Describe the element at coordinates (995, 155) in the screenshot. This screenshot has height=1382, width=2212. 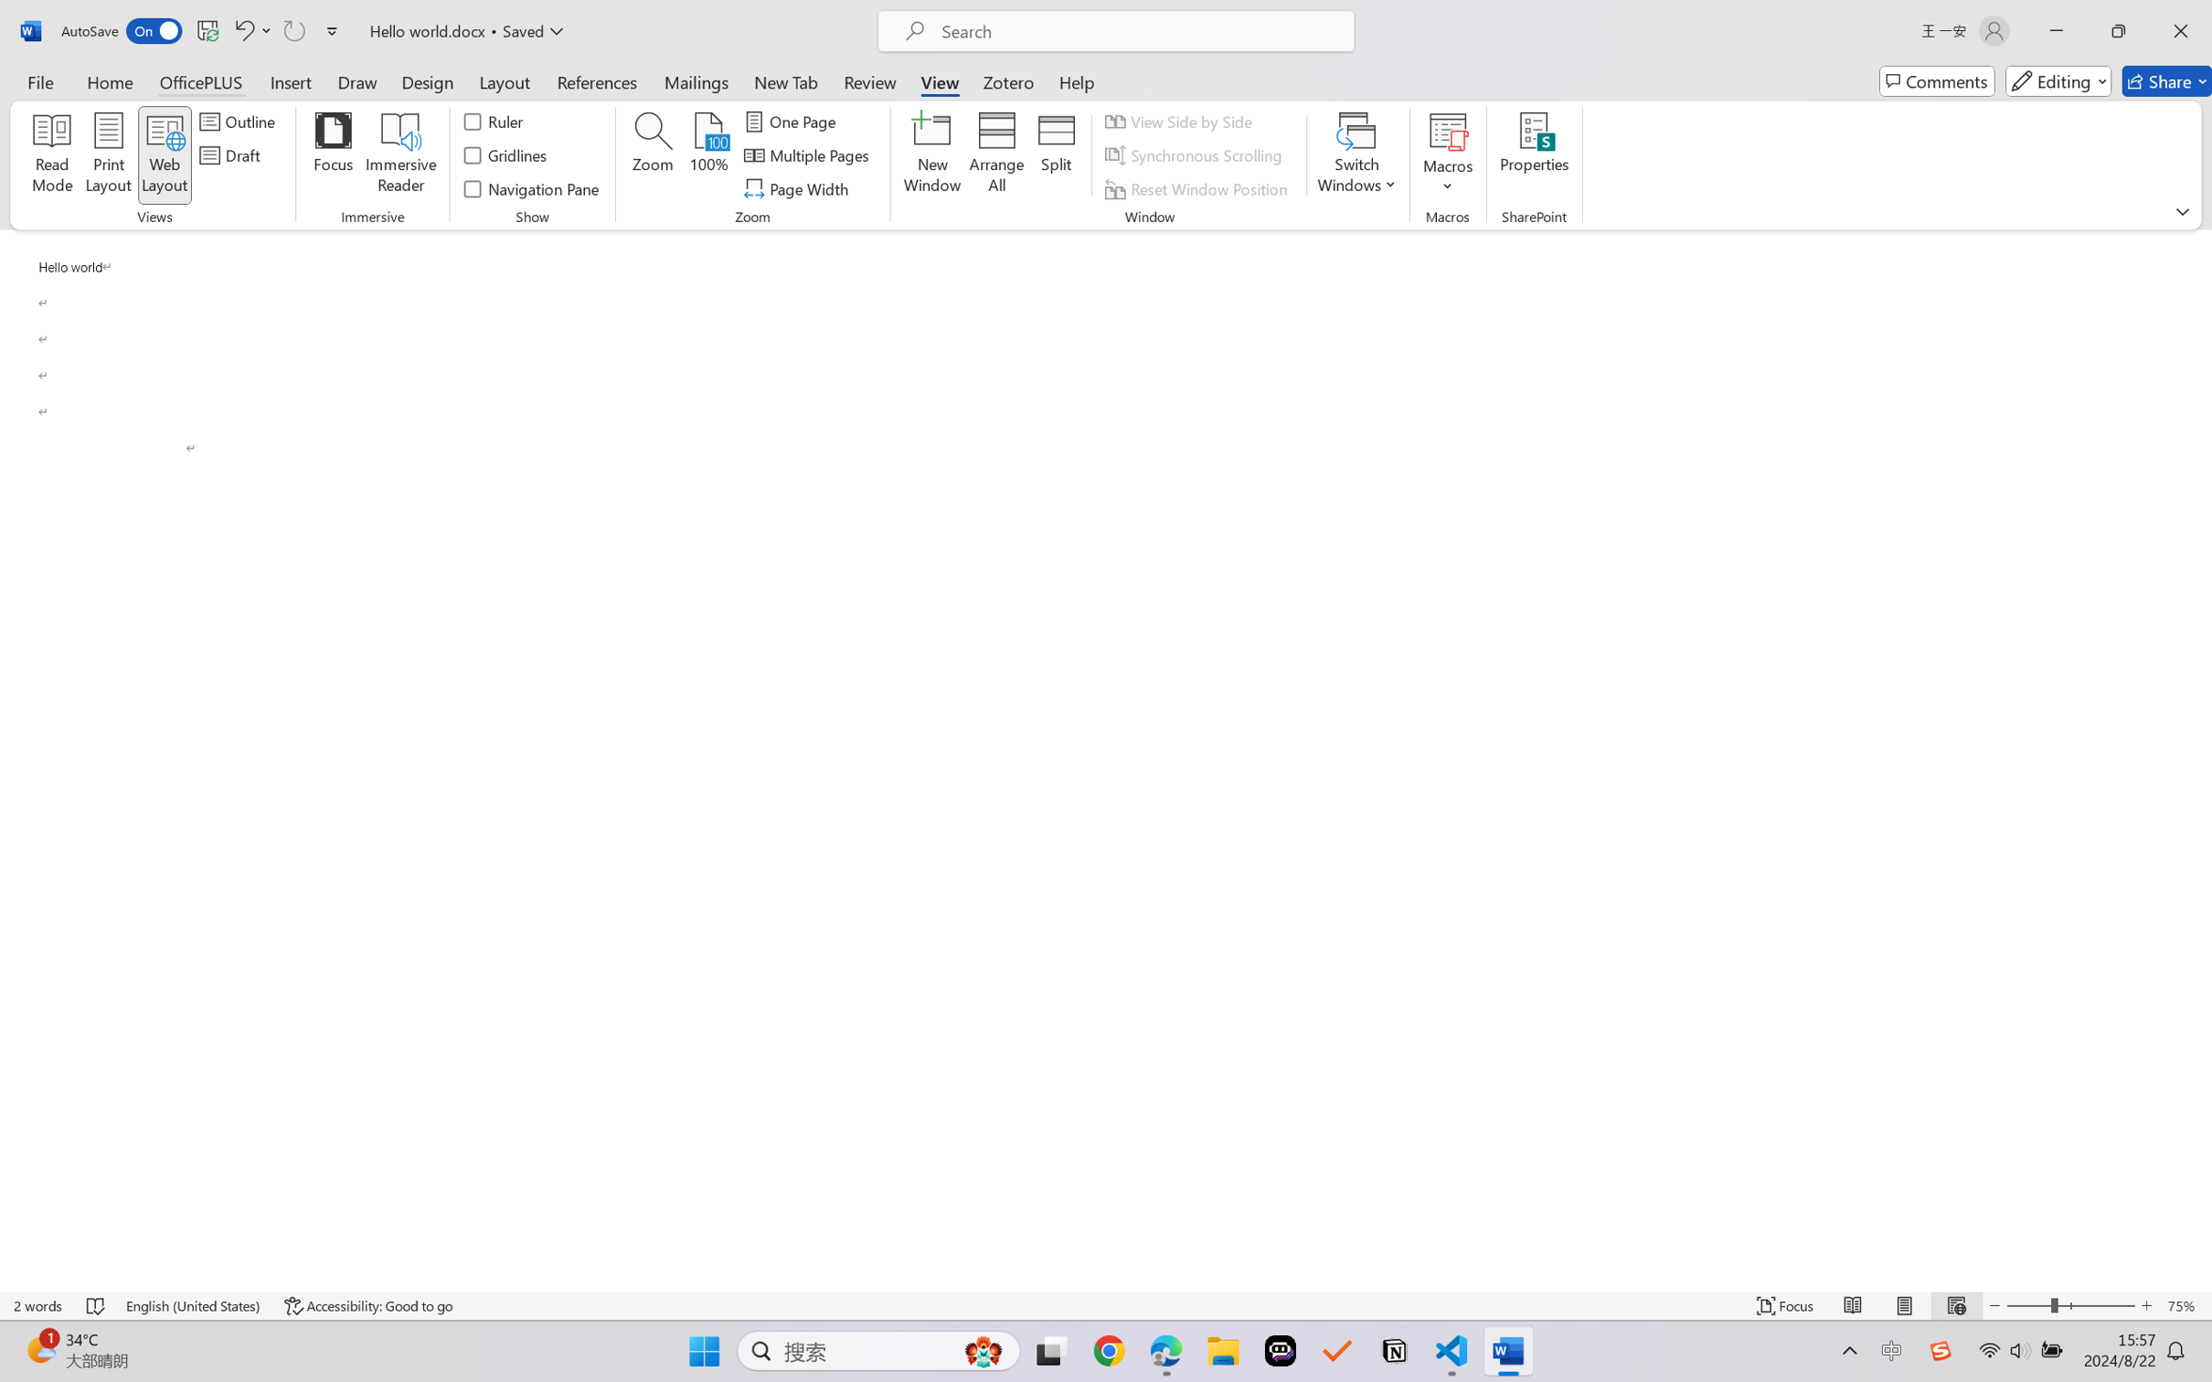
I see `'Arrange All'` at that location.